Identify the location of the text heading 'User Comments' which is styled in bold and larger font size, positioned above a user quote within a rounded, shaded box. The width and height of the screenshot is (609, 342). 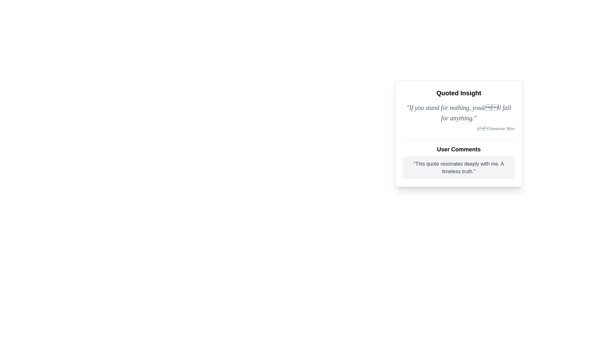
(459, 149).